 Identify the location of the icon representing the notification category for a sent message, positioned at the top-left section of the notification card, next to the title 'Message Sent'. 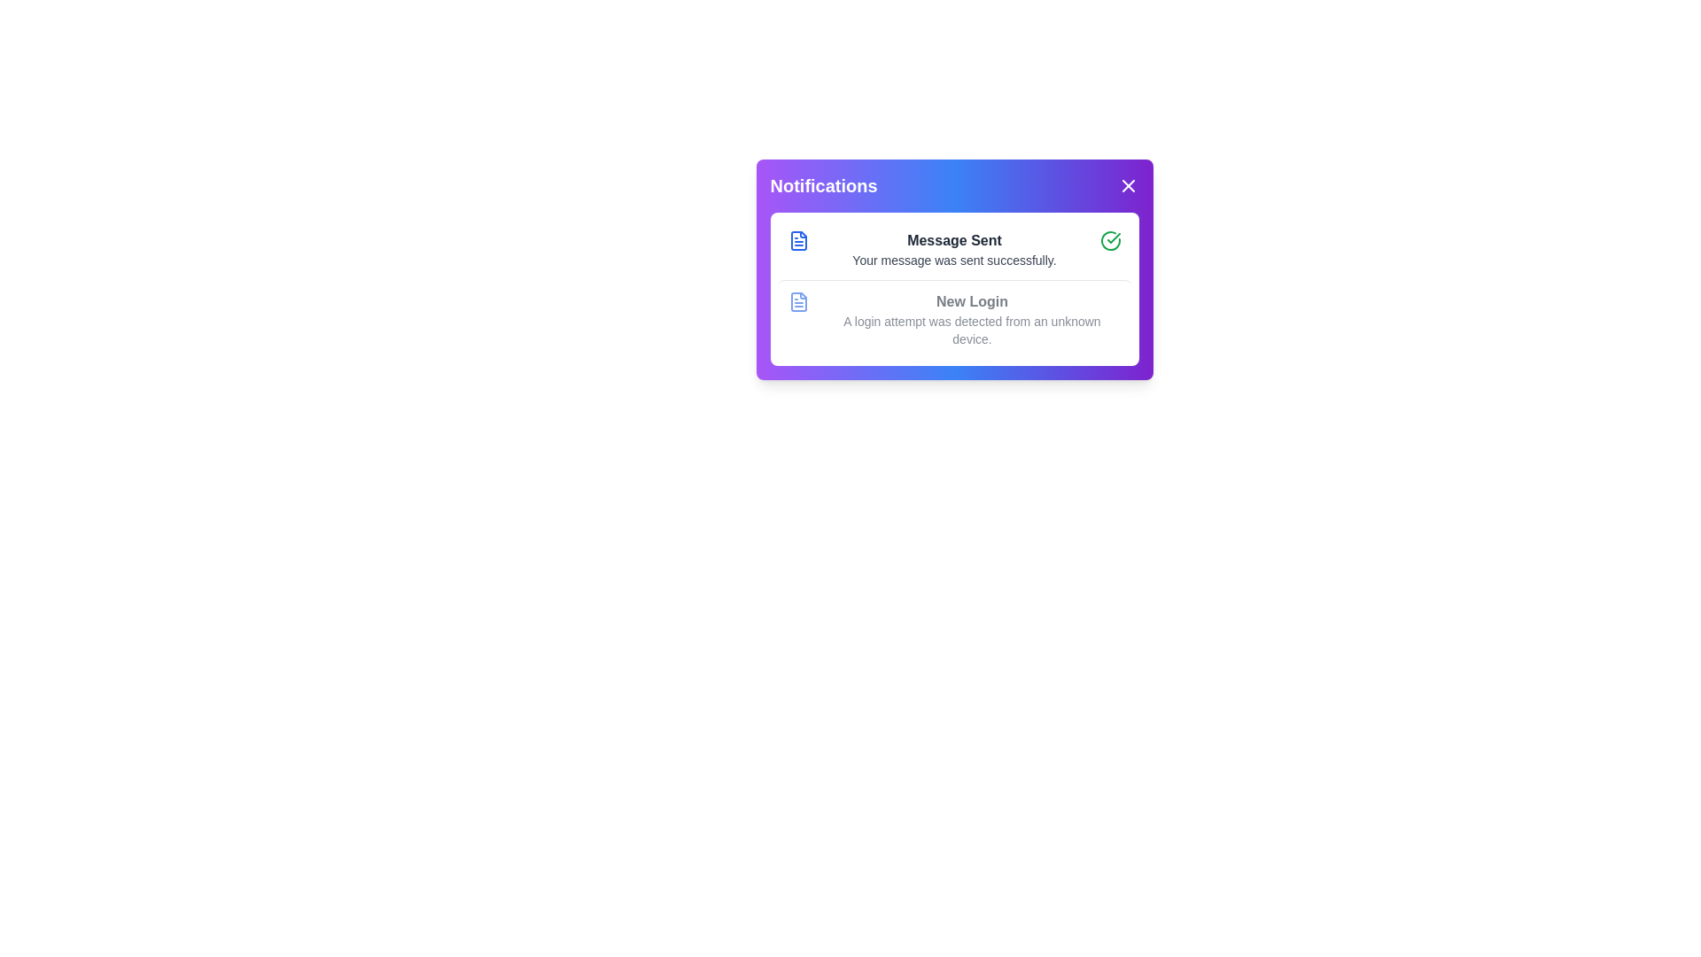
(797, 241).